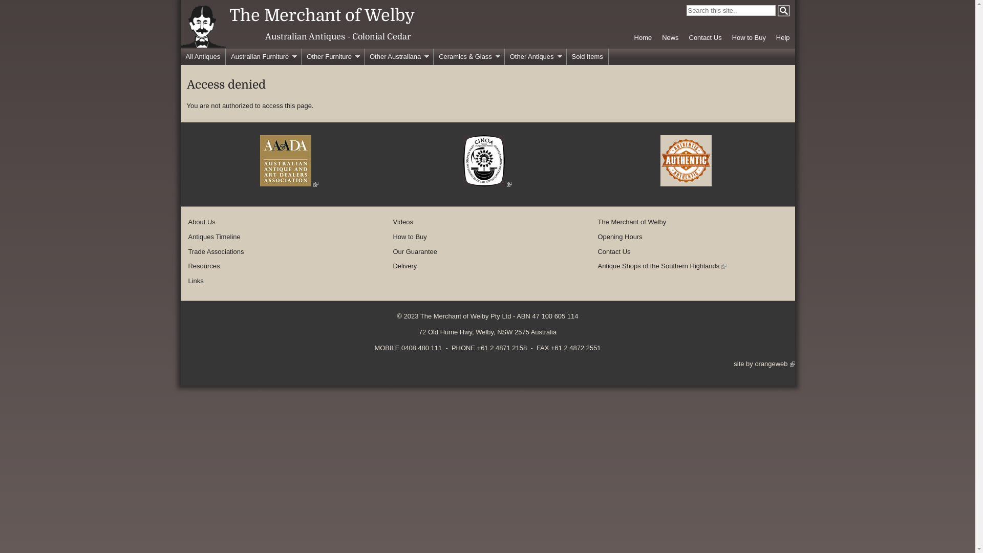 The image size is (983, 553). Describe the element at coordinates (289, 183) in the screenshot. I see `'(link is external)'` at that location.